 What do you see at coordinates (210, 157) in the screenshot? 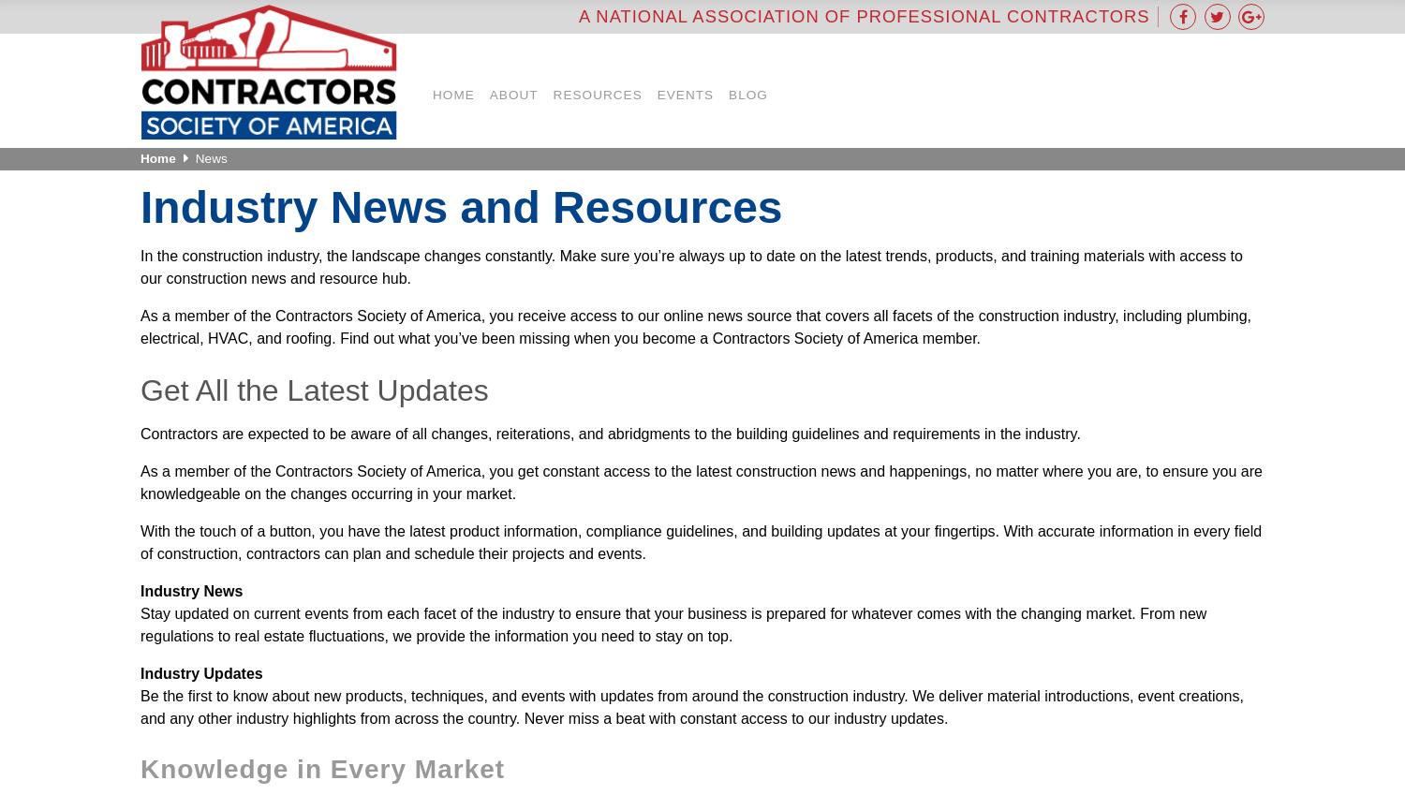
I see `'News'` at bounding box center [210, 157].